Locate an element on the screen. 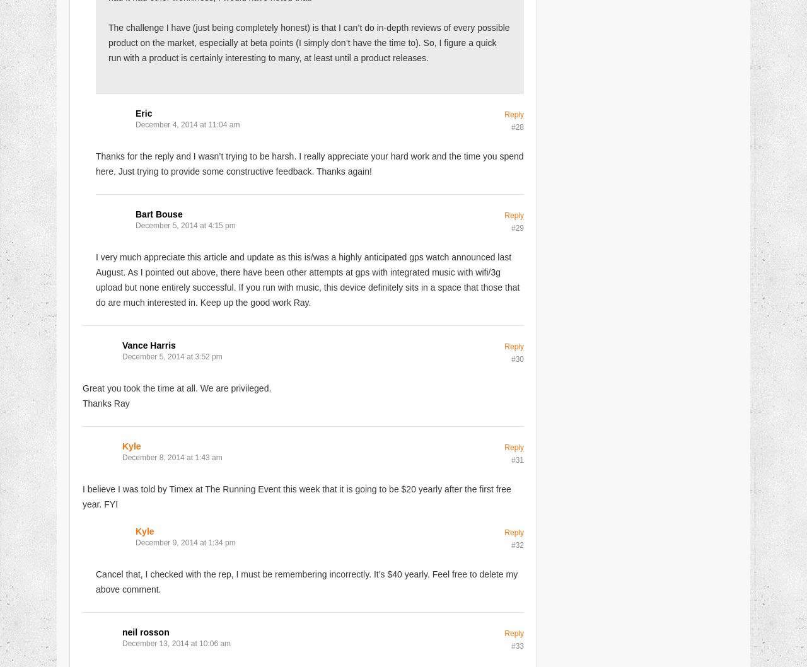 This screenshot has width=807, height=667. '#30' is located at coordinates (510, 358).